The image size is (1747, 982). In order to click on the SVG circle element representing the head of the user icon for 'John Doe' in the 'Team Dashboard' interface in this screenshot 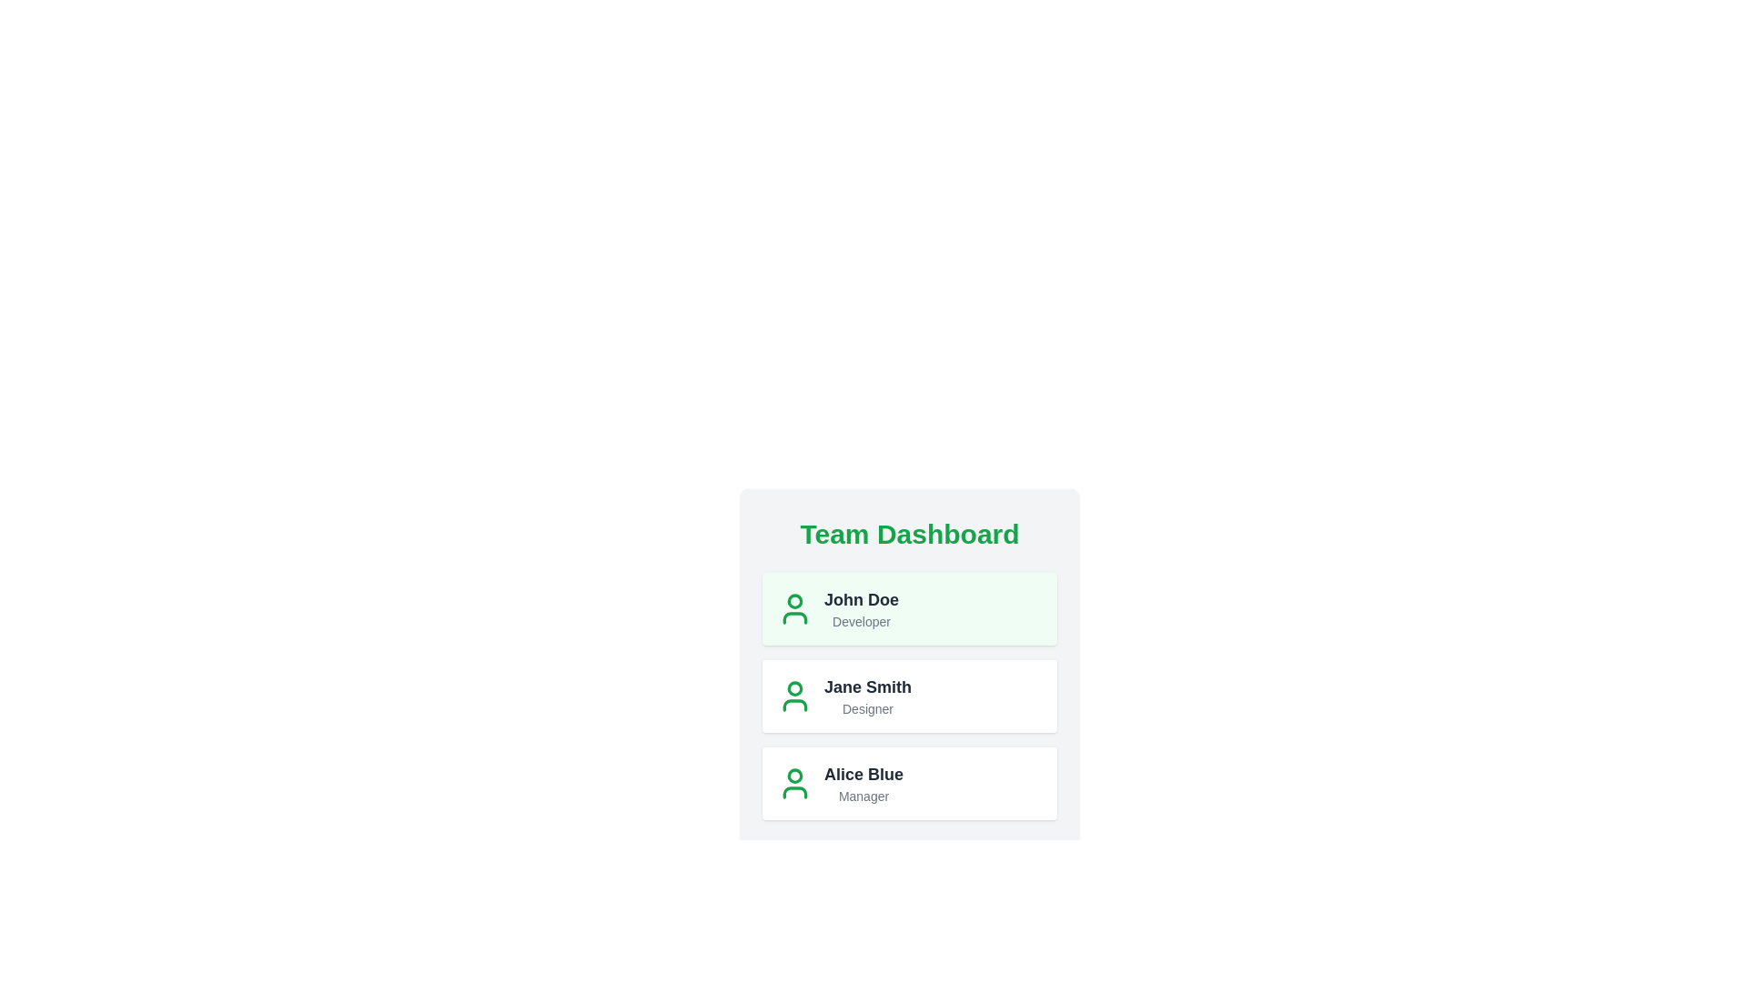, I will do `click(794, 600)`.